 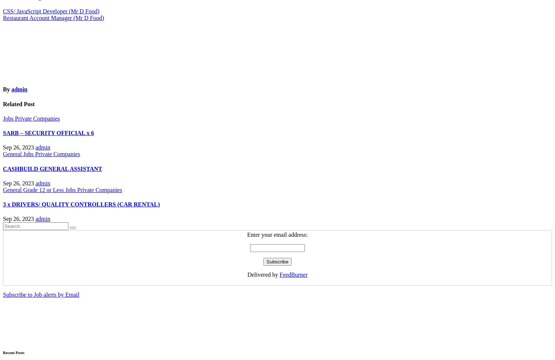 What do you see at coordinates (263, 275) in the screenshot?
I see `'Delivered by'` at bounding box center [263, 275].